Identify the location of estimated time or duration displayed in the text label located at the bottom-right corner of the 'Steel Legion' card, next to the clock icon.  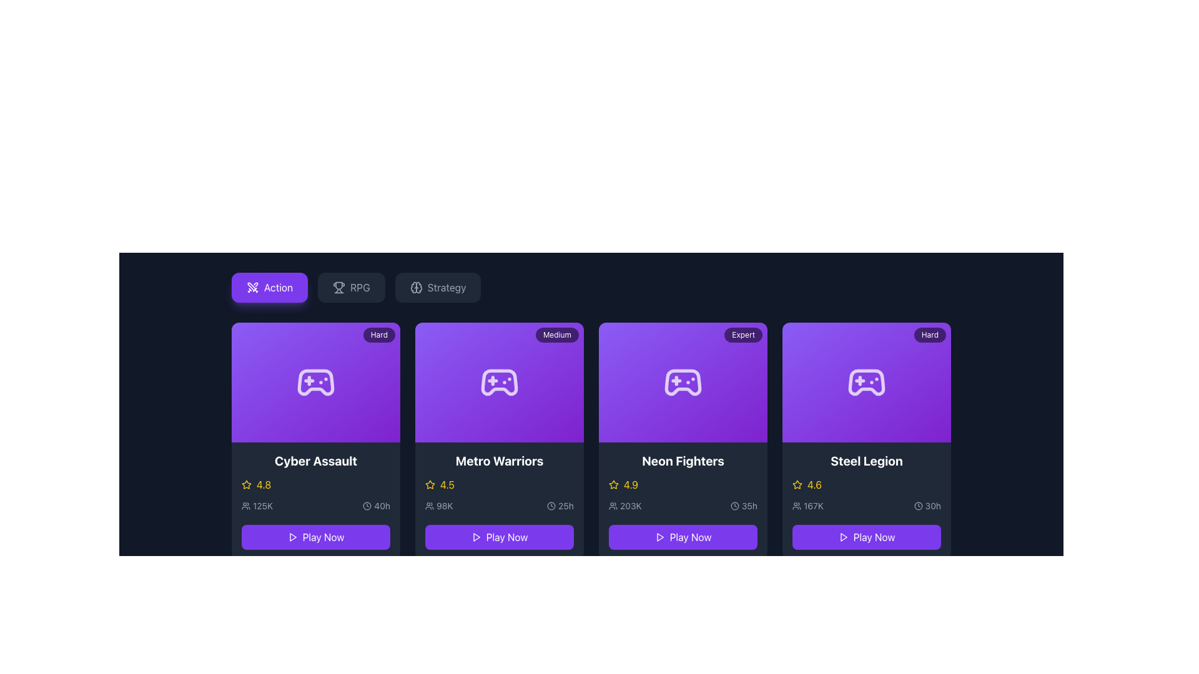
(933, 506).